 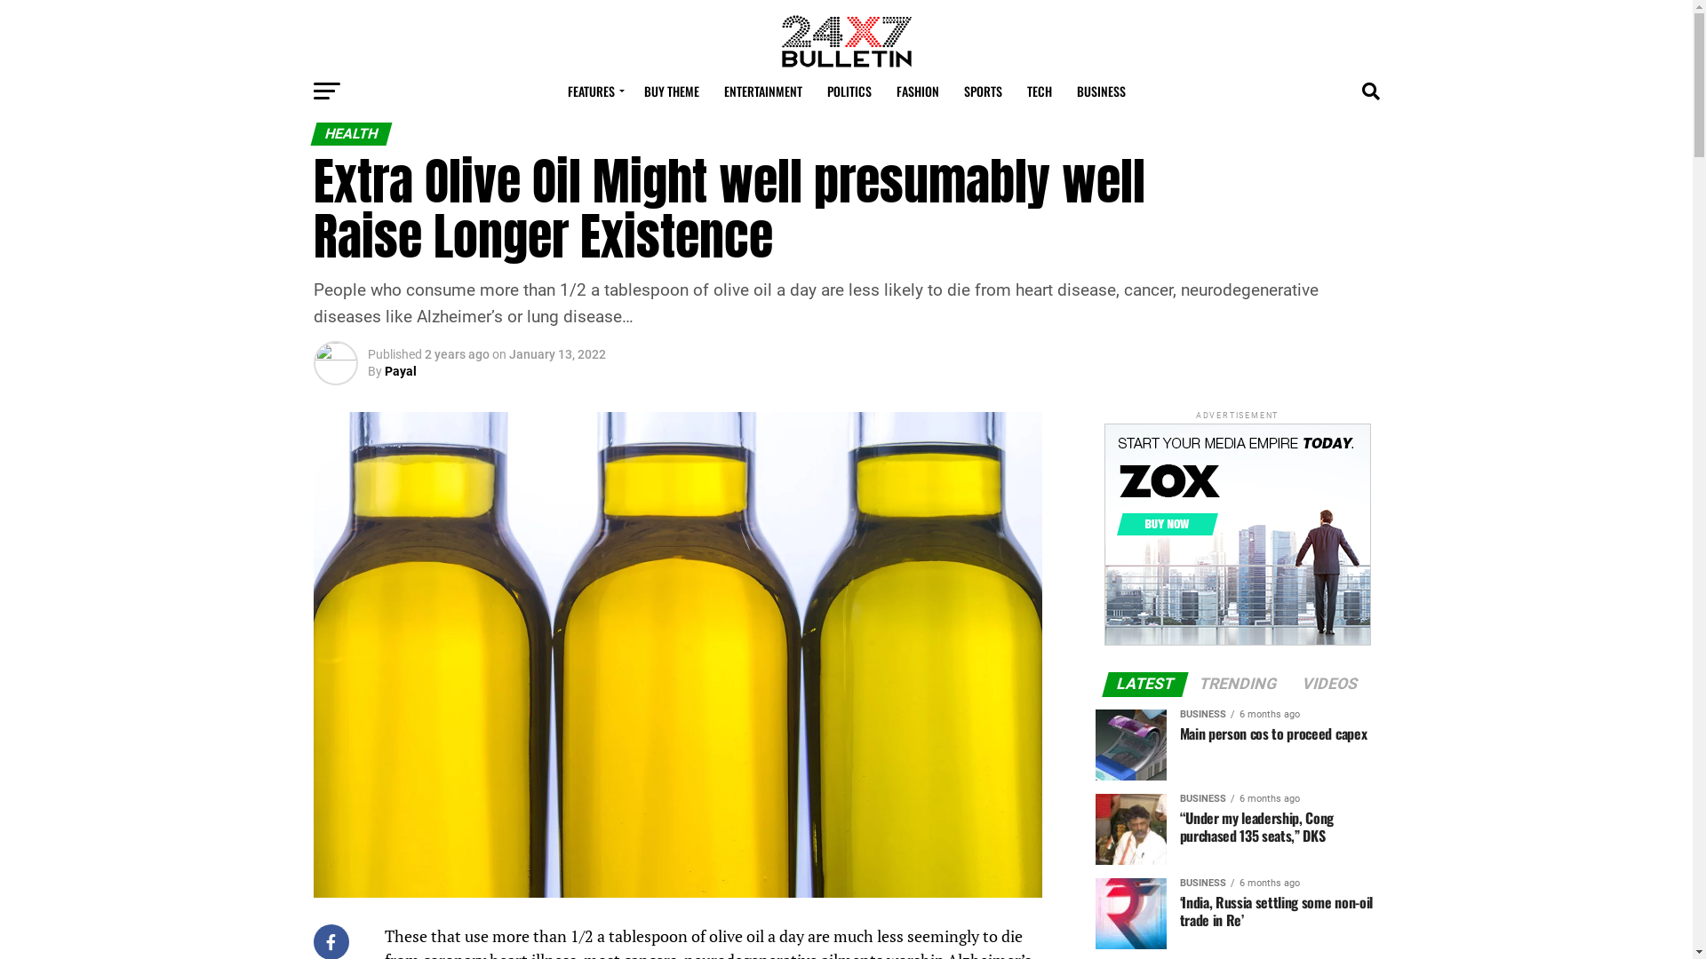 What do you see at coordinates (669, 91) in the screenshot?
I see `'BUY THEME'` at bounding box center [669, 91].